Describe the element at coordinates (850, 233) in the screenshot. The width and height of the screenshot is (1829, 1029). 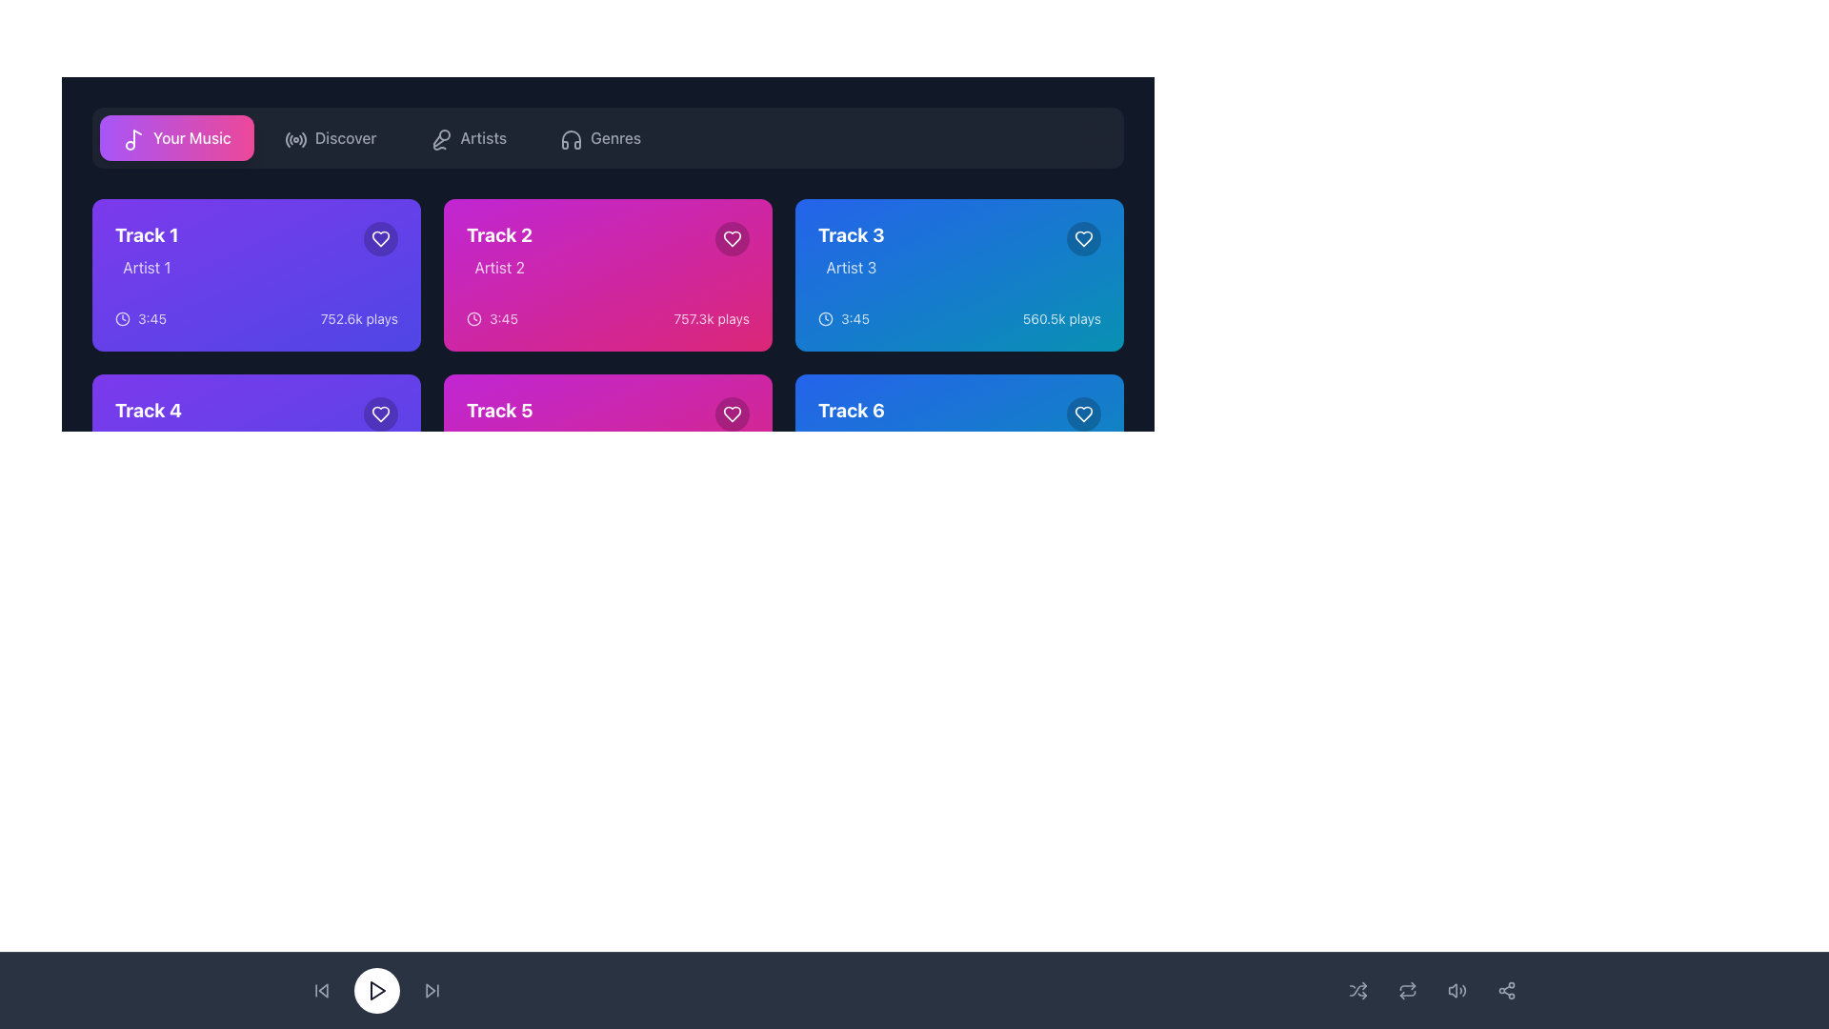
I see `the text label identifying 'Track 3' located at the top-left corner of its card` at that location.